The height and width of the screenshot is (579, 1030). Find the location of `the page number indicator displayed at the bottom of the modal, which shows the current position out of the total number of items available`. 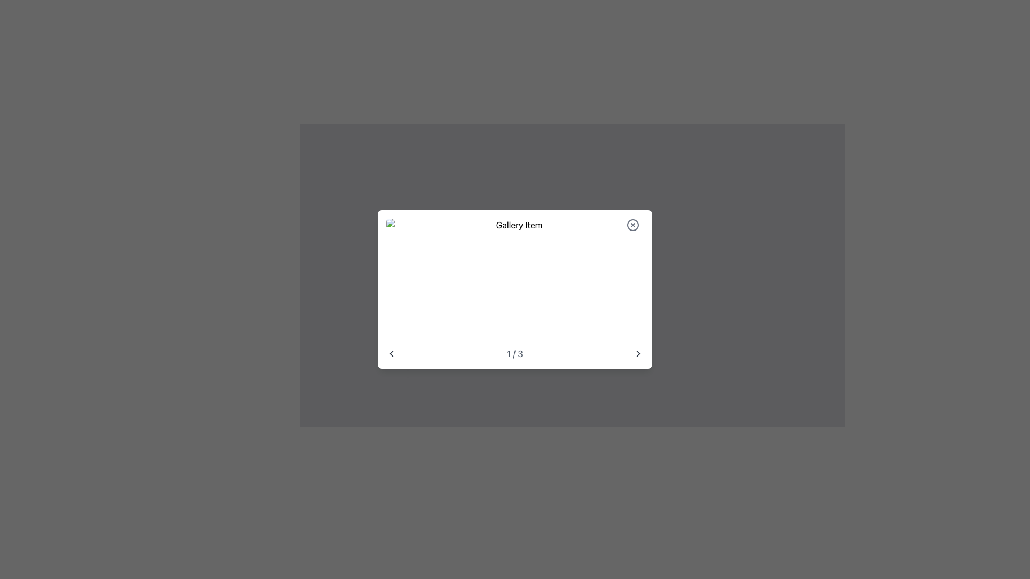

the page number indicator displayed at the bottom of the modal, which shows the current position out of the total number of items available is located at coordinates (515, 353).